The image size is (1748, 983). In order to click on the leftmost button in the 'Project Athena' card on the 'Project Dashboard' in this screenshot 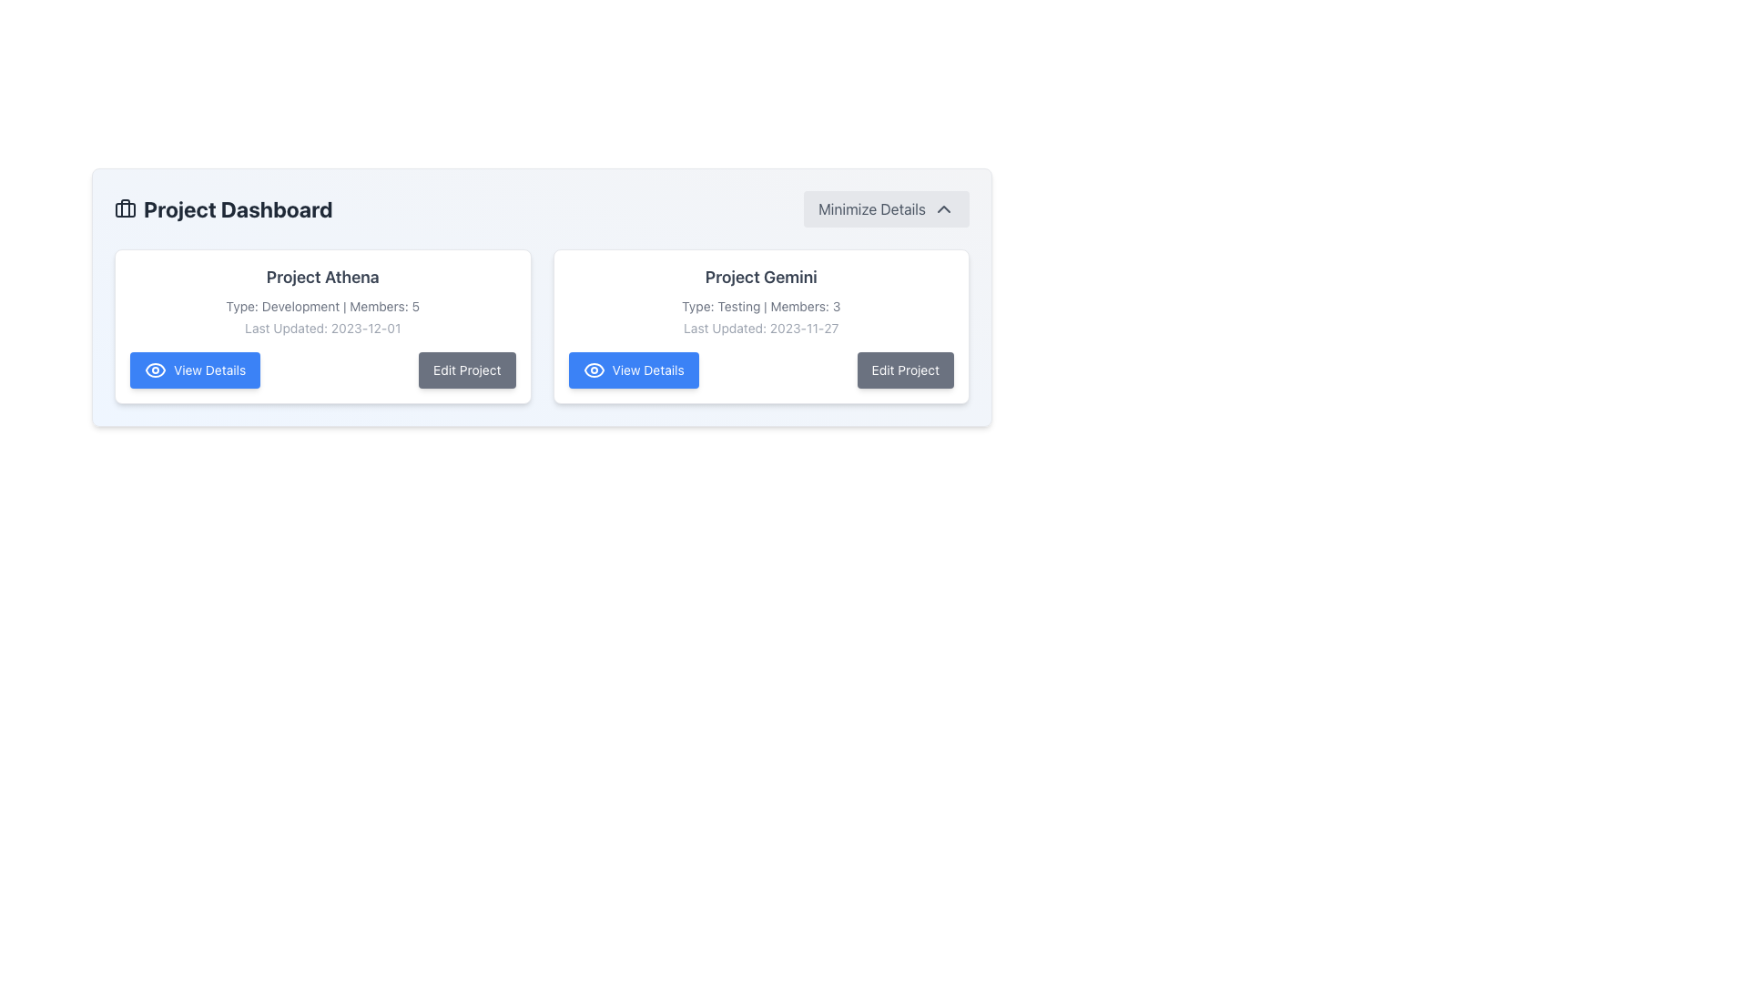, I will do `click(195, 370)`.